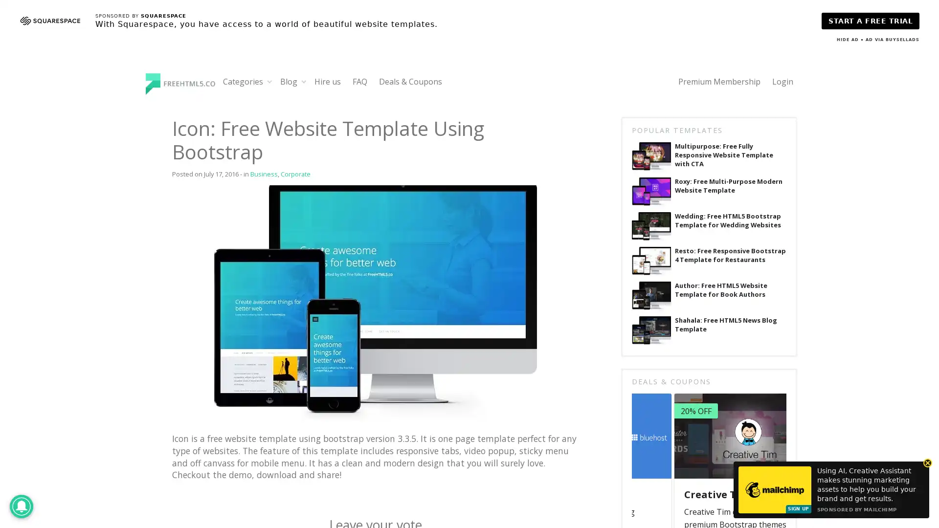 This screenshot has width=939, height=528. Describe the element at coordinates (303, 81) in the screenshot. I see `Expand child menu` at that location.